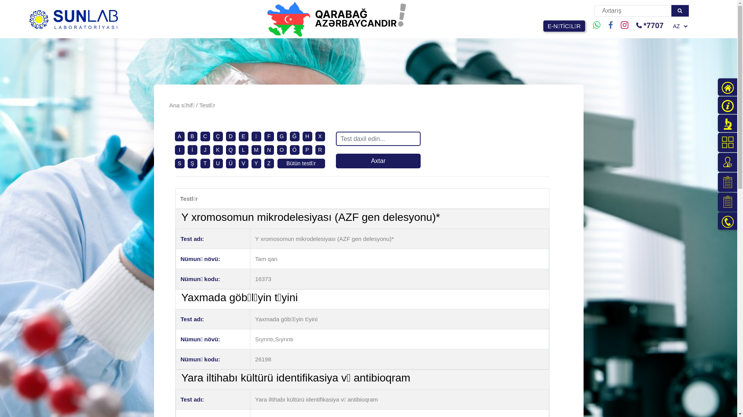 The image size is (743, 417). I want to click on 'WhatsApp', so click(596, 25).